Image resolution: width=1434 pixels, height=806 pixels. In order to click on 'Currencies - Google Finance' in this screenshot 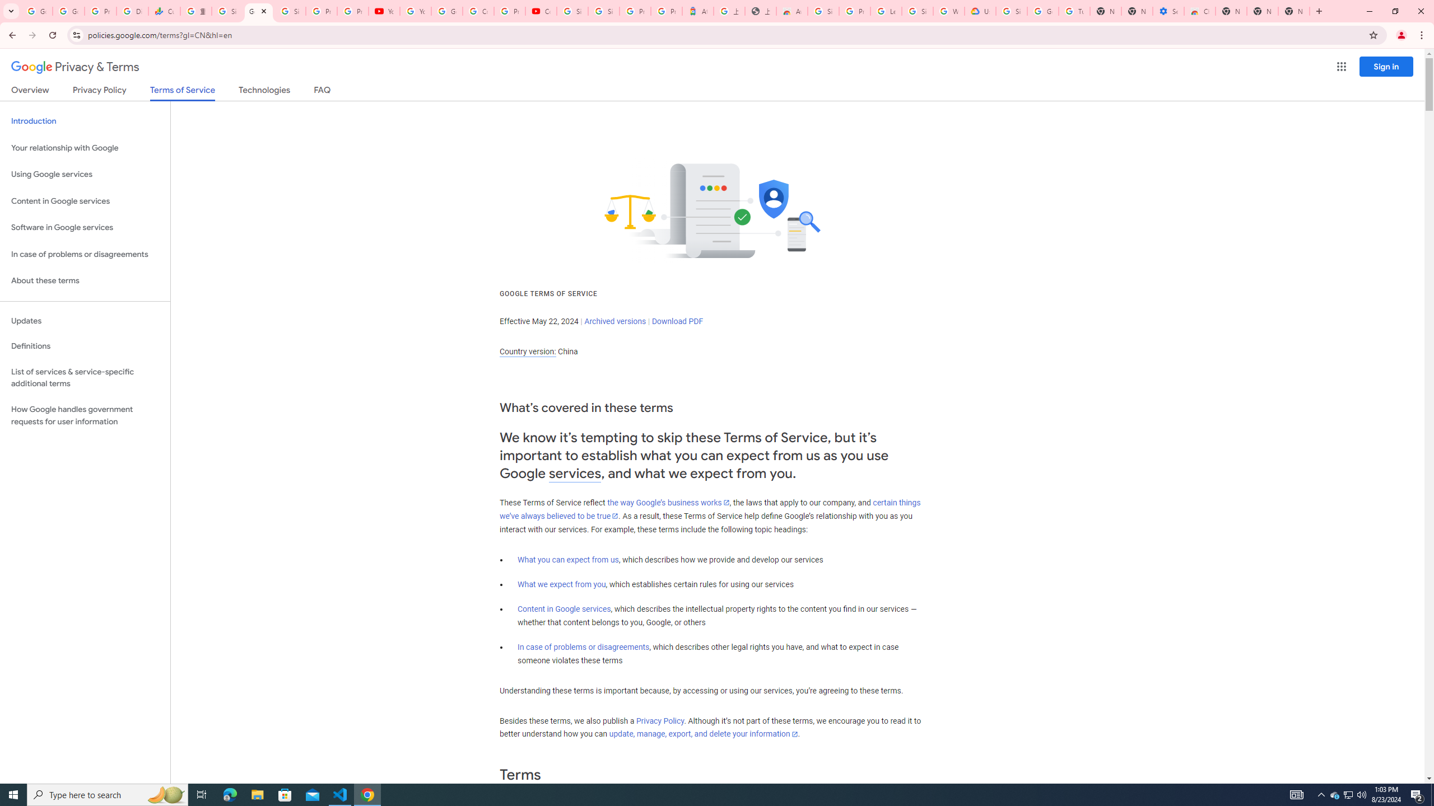, I will do `click(164, 11)`.